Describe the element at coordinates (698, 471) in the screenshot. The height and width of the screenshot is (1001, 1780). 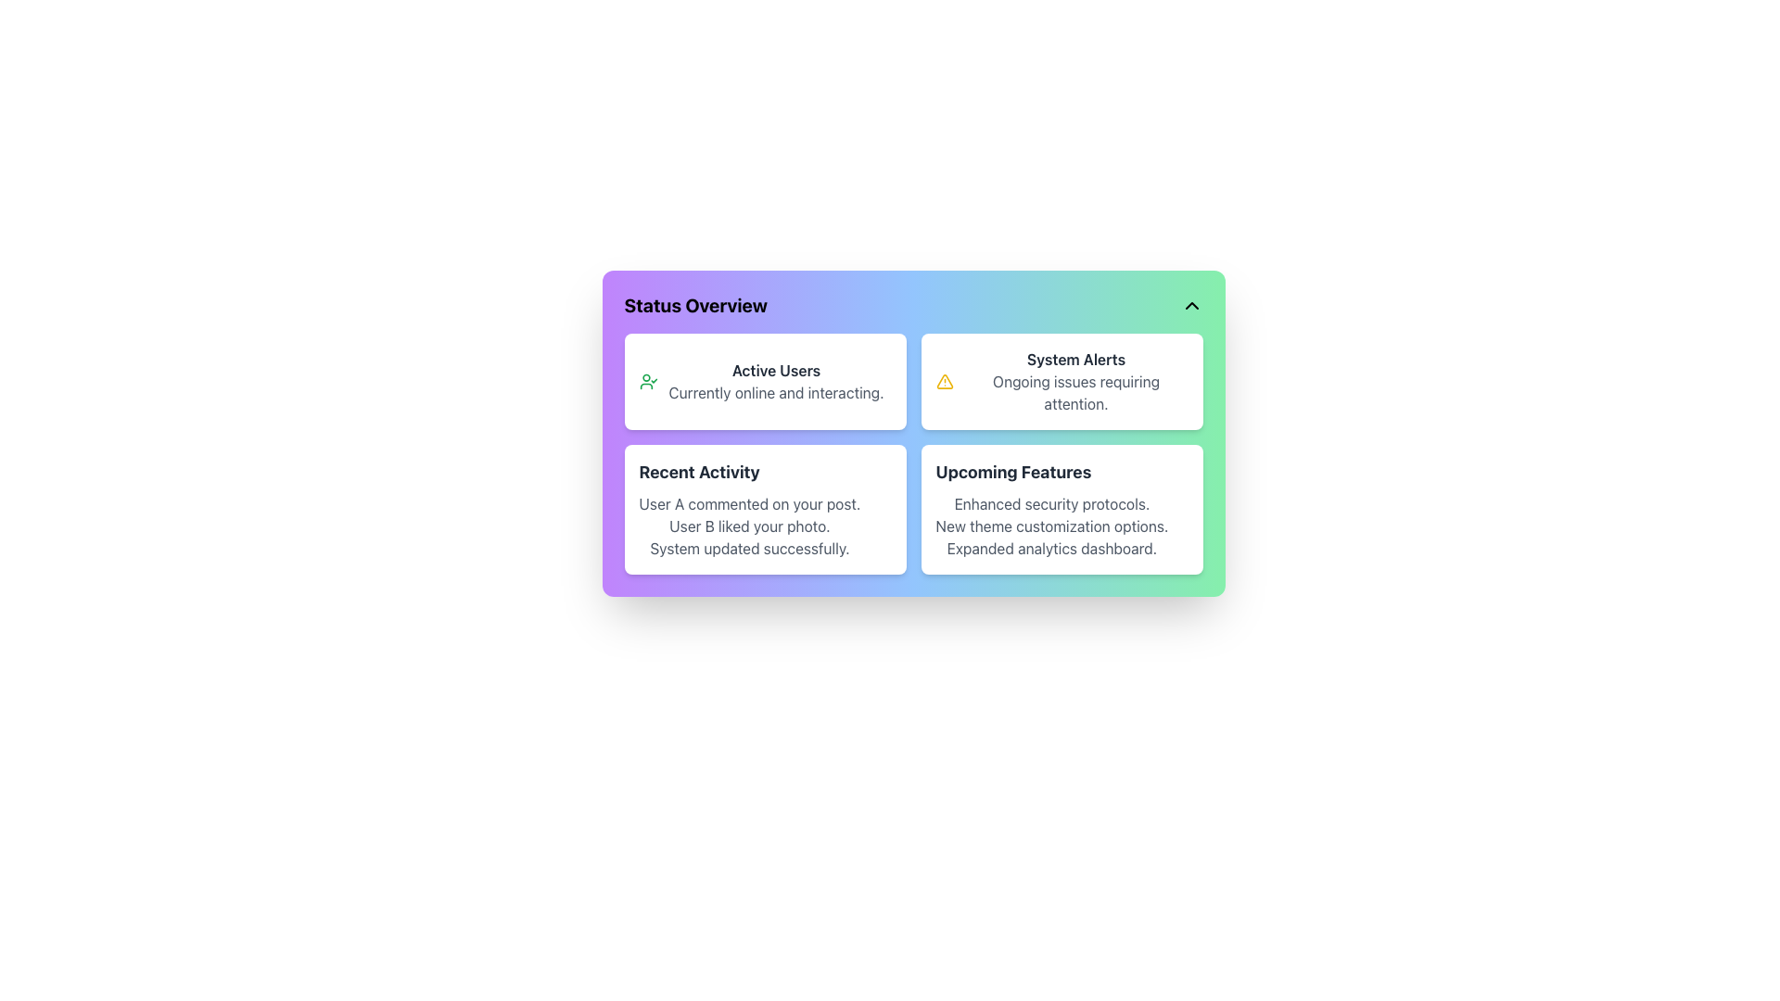
I see `the static text label or heading at the top of the card that indicates the subject or category of the content, which is located within a white rounded rectangle card in the bottom-left quadrant of the grid layout` at that location.